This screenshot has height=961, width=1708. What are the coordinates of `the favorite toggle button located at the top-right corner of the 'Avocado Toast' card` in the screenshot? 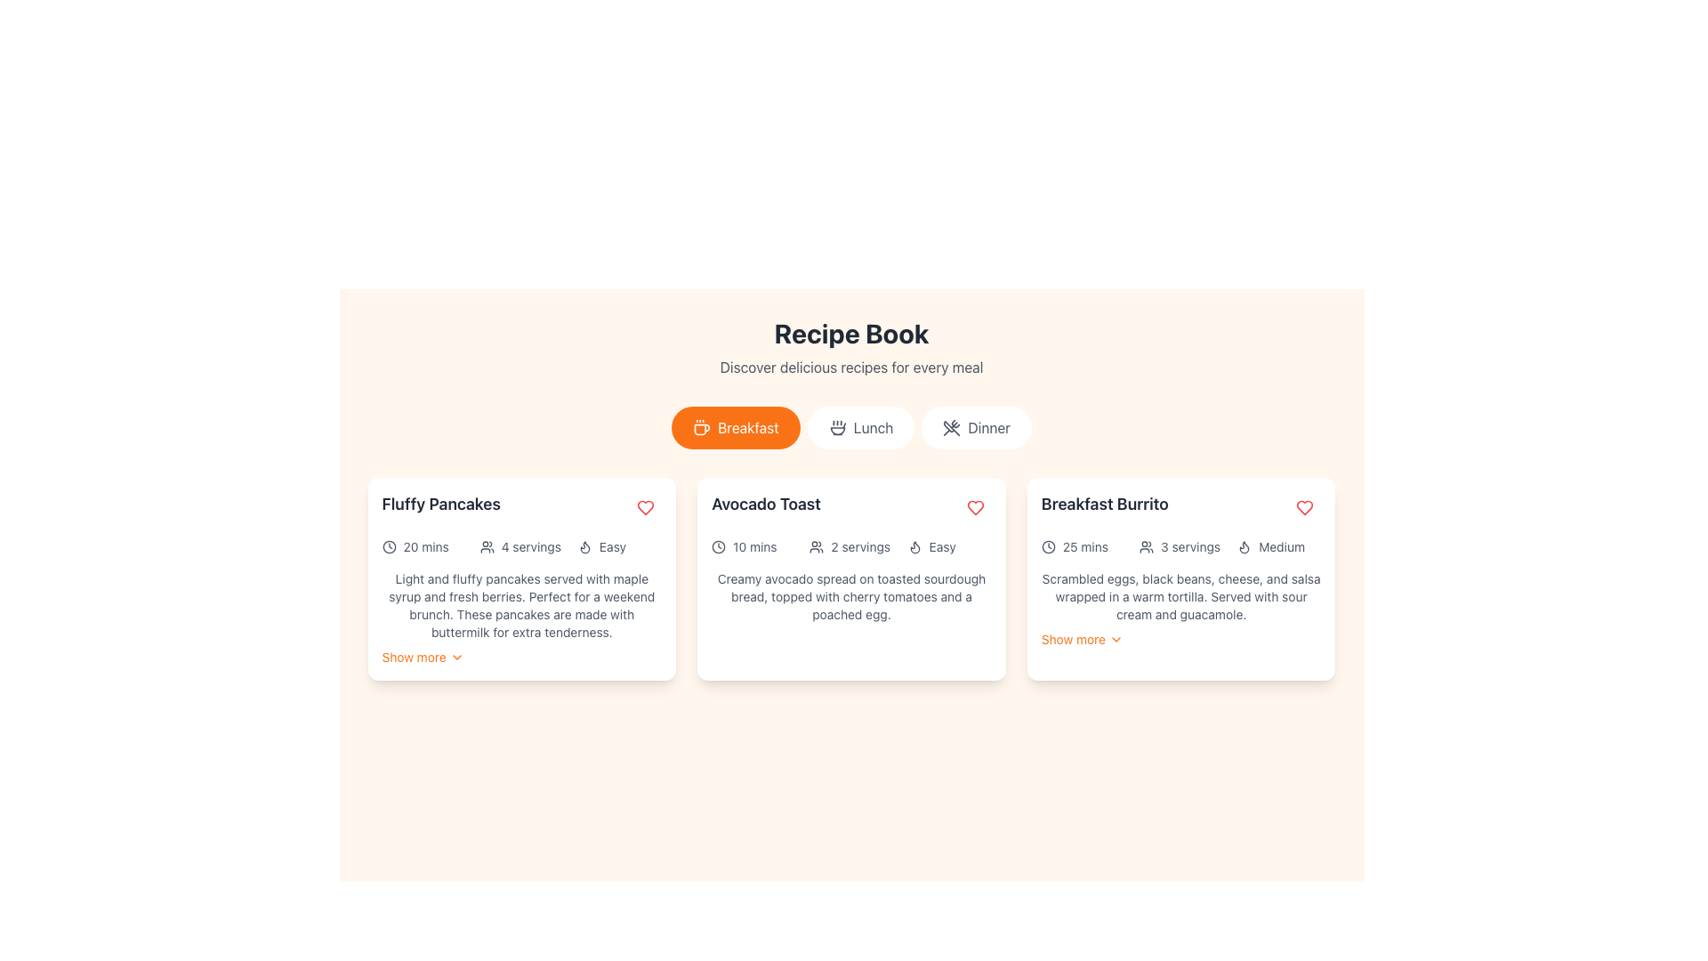 It's located at (974, 507).